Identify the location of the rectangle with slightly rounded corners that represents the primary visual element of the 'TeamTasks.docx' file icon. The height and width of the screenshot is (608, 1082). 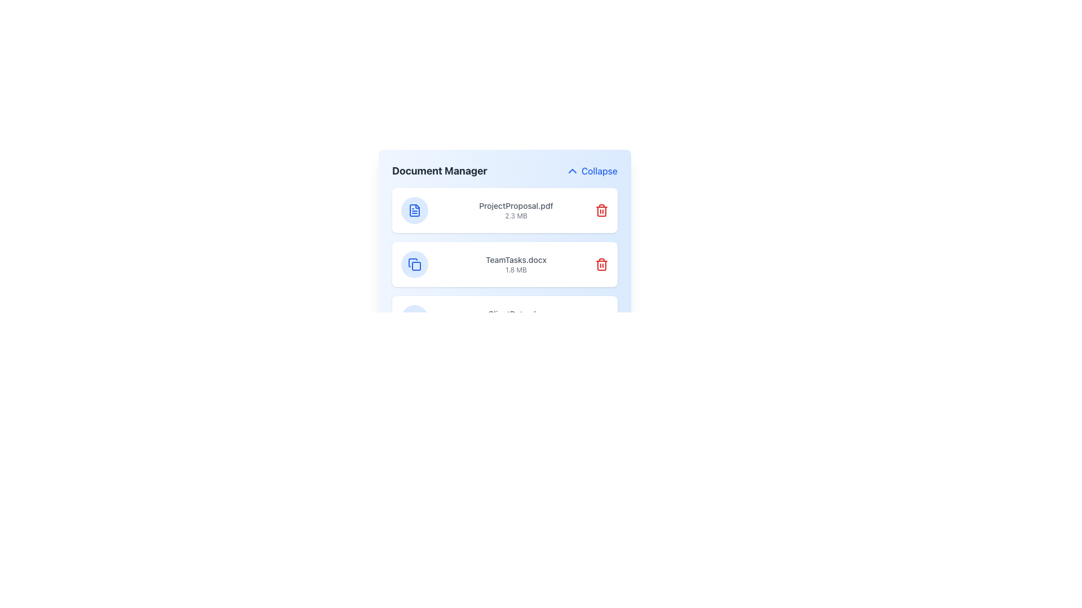
(416, 266).